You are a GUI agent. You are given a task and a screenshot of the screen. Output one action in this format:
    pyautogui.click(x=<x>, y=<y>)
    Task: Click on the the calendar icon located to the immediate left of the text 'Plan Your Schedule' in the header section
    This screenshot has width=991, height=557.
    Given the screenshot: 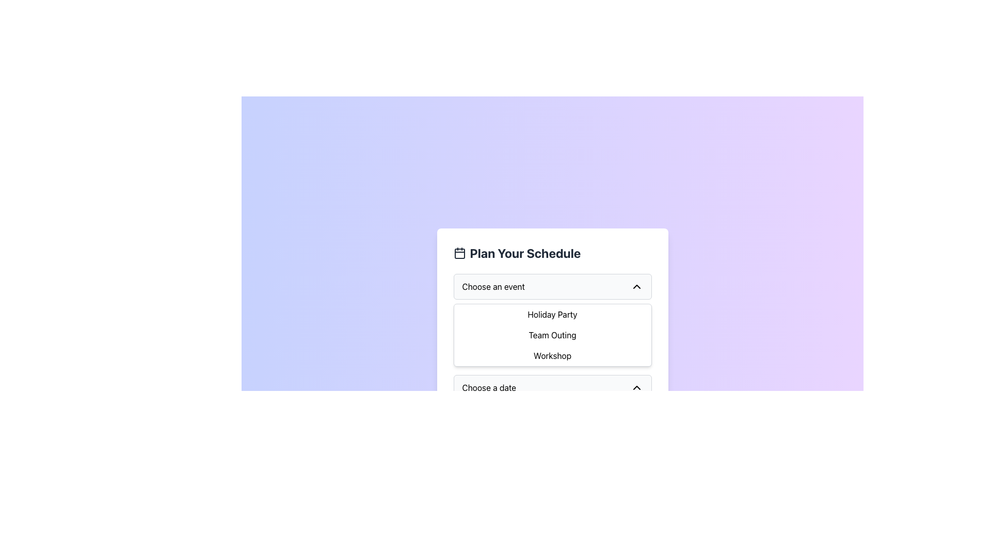 What is the action you would take?
    pyautogui.click(x=459, y=253)
    